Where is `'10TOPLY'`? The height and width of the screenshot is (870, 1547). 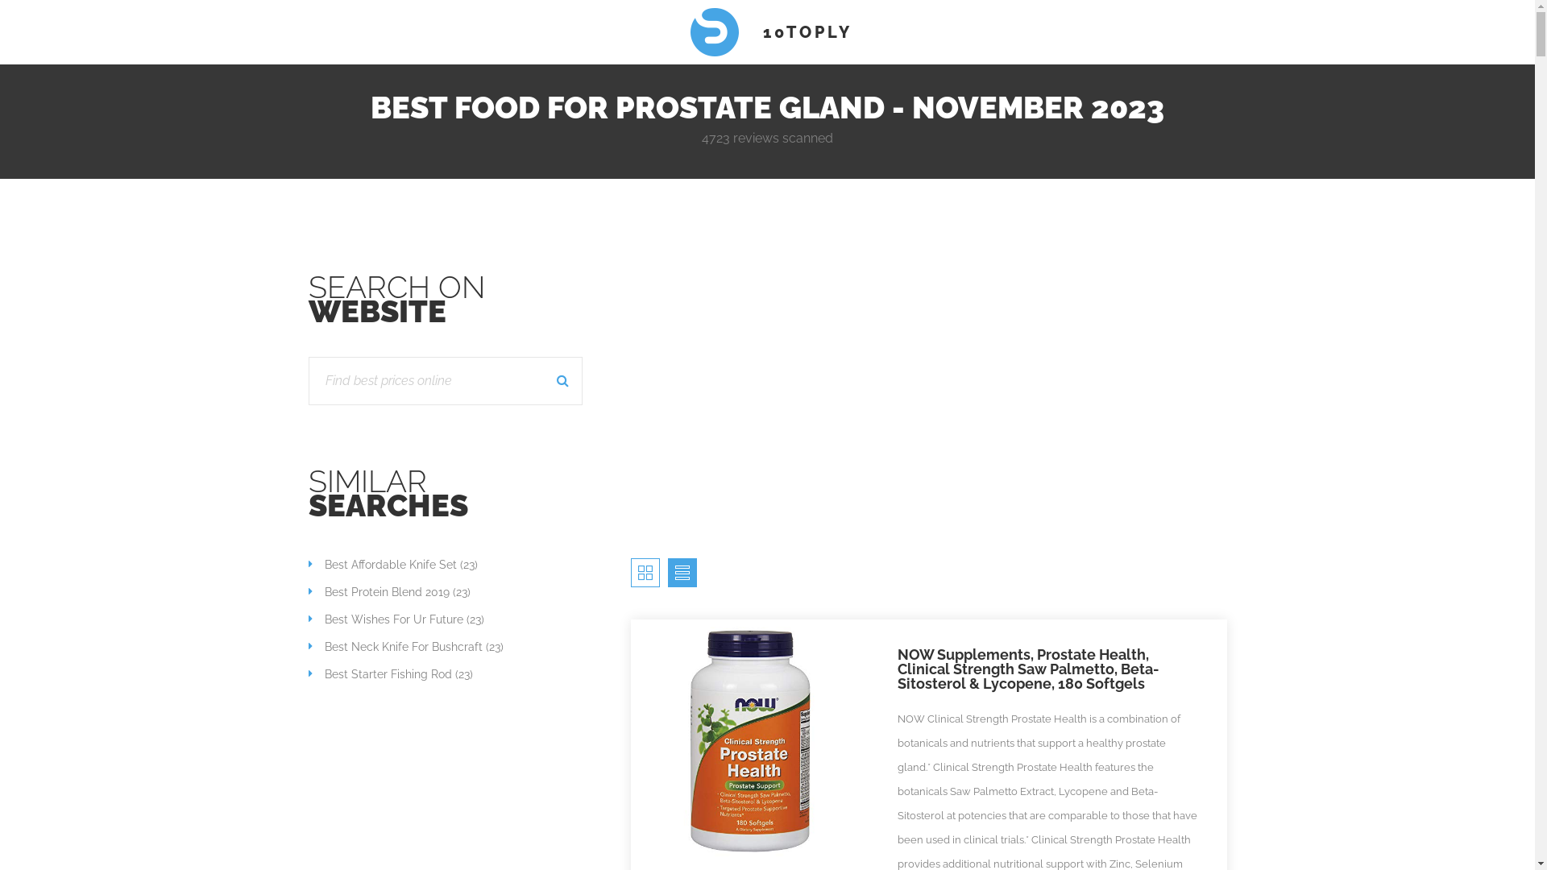 '10TOPLY' is located at coordinates (766, 31).